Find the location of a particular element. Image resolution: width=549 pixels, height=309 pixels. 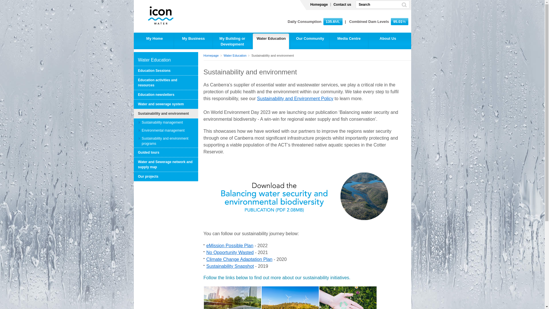

'Our Community' is located at coordinates (309, 41).